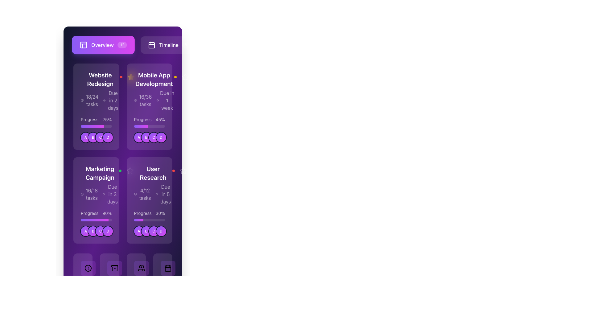 This screenshot has height=333, width=592. I want to click on the progress percentage text label located in the middle section of the 'Mobile App Development' card, positioned above the progress bar and below the task and due date information, so click(149, 120).